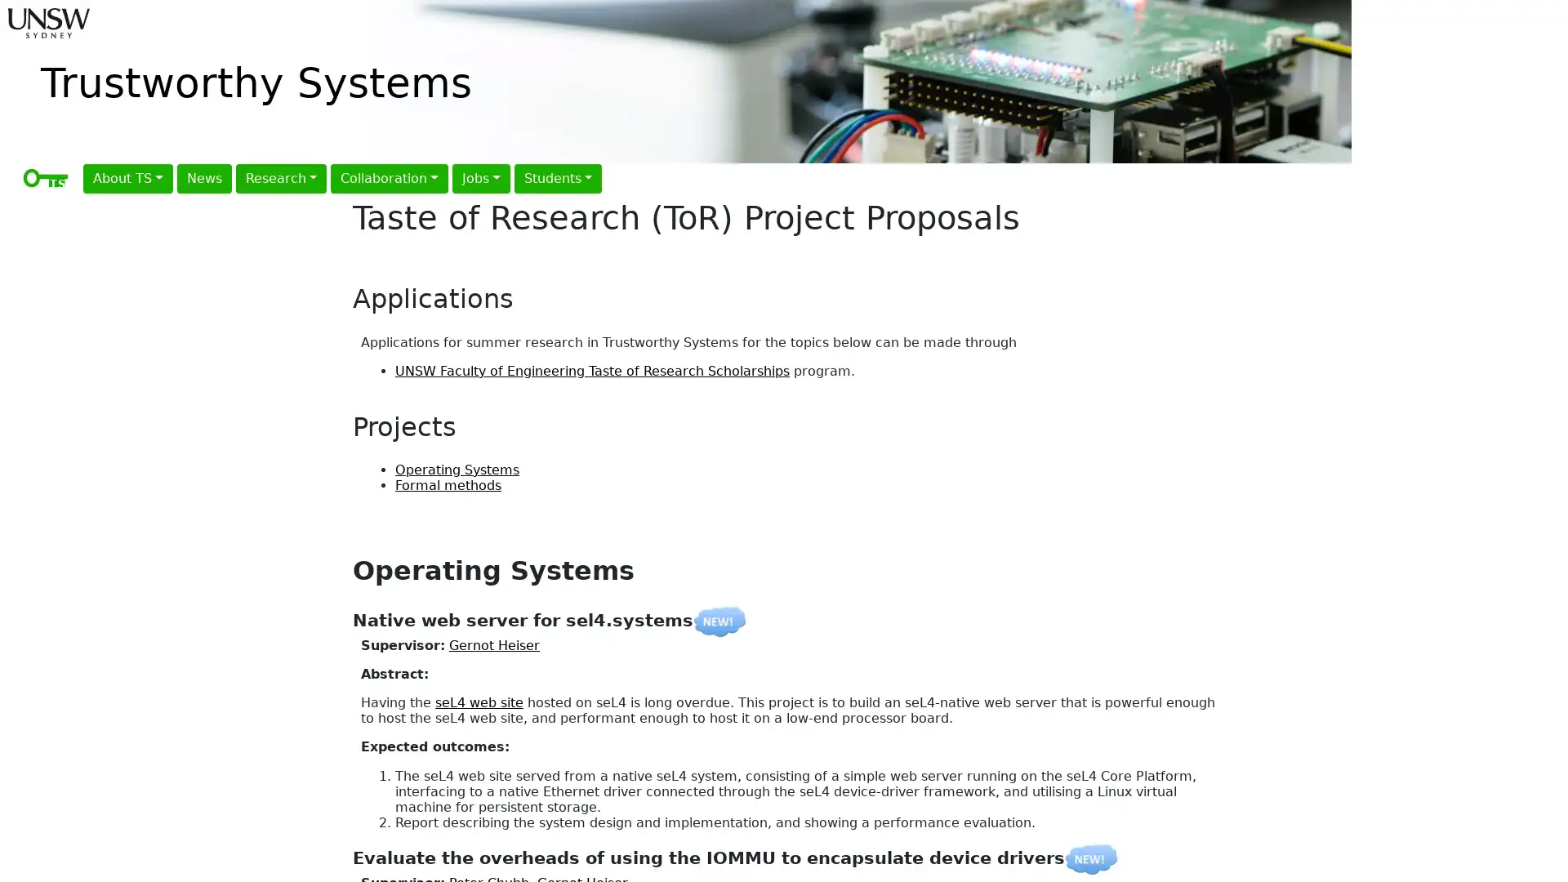  Describe the element at coordinates (480, 178) in the screenshot. I see `Jobs` at that location.